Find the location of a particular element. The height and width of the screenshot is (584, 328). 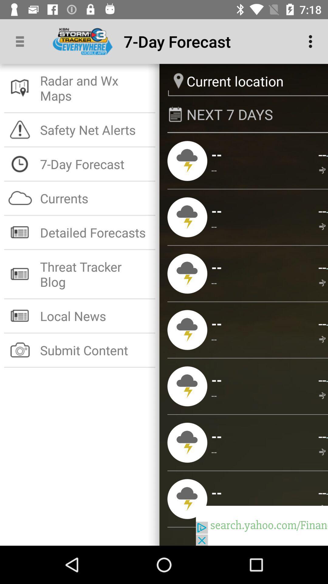

the 7th icon which is in the white background is located at coordinates (20, 316).